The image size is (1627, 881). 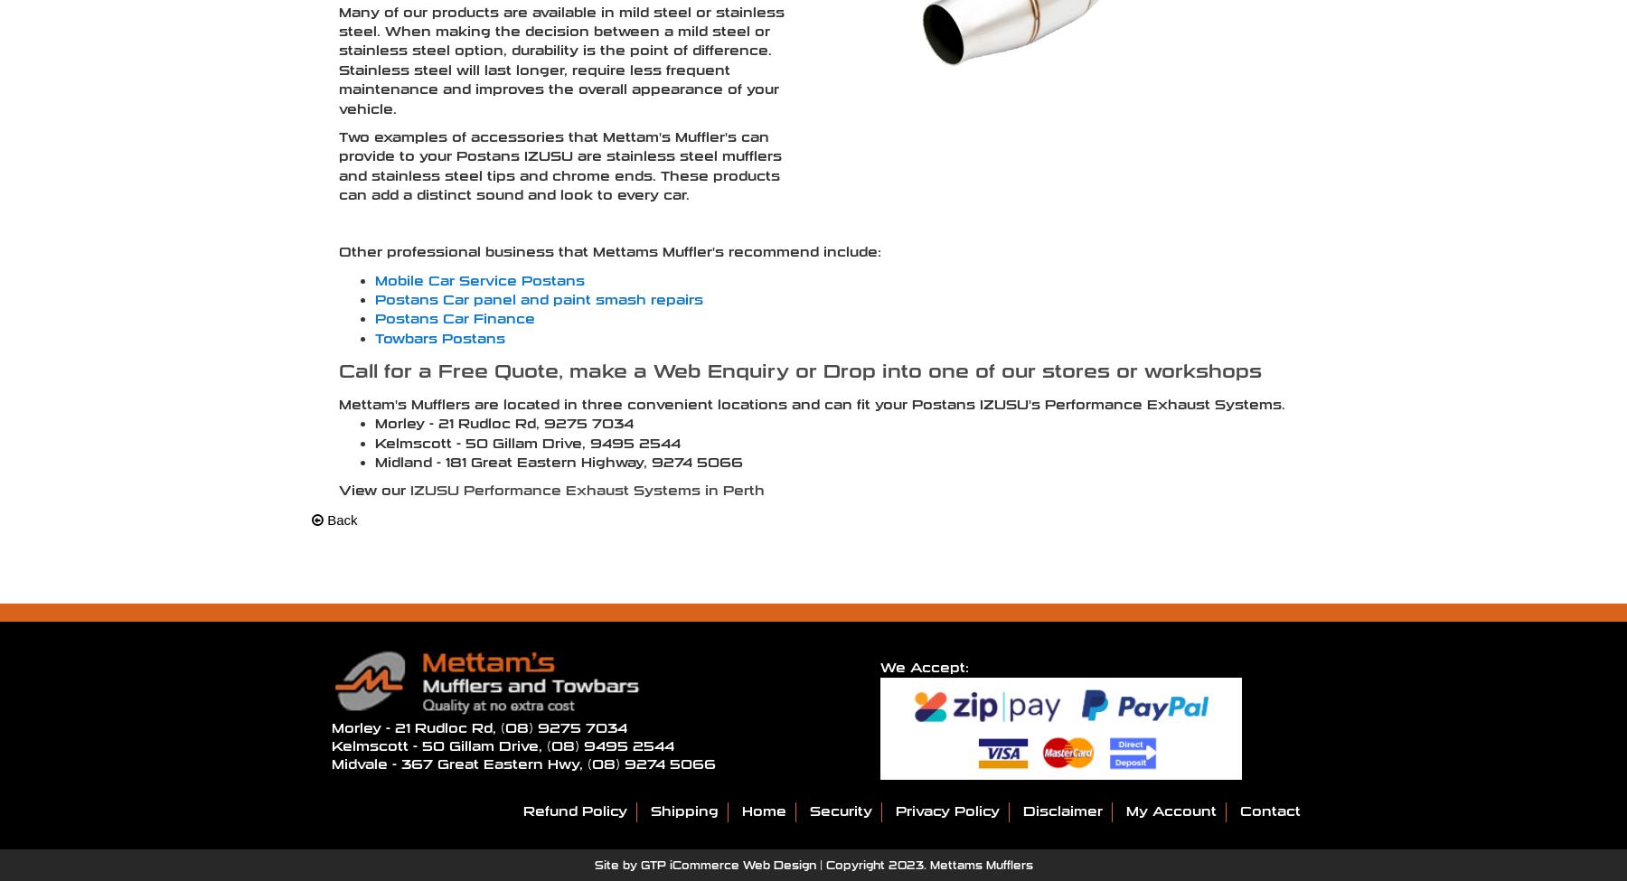 What do you see at coordinates (374, 489) in the screenshot?
I see `'View our'` at bounding box center [374, 489].